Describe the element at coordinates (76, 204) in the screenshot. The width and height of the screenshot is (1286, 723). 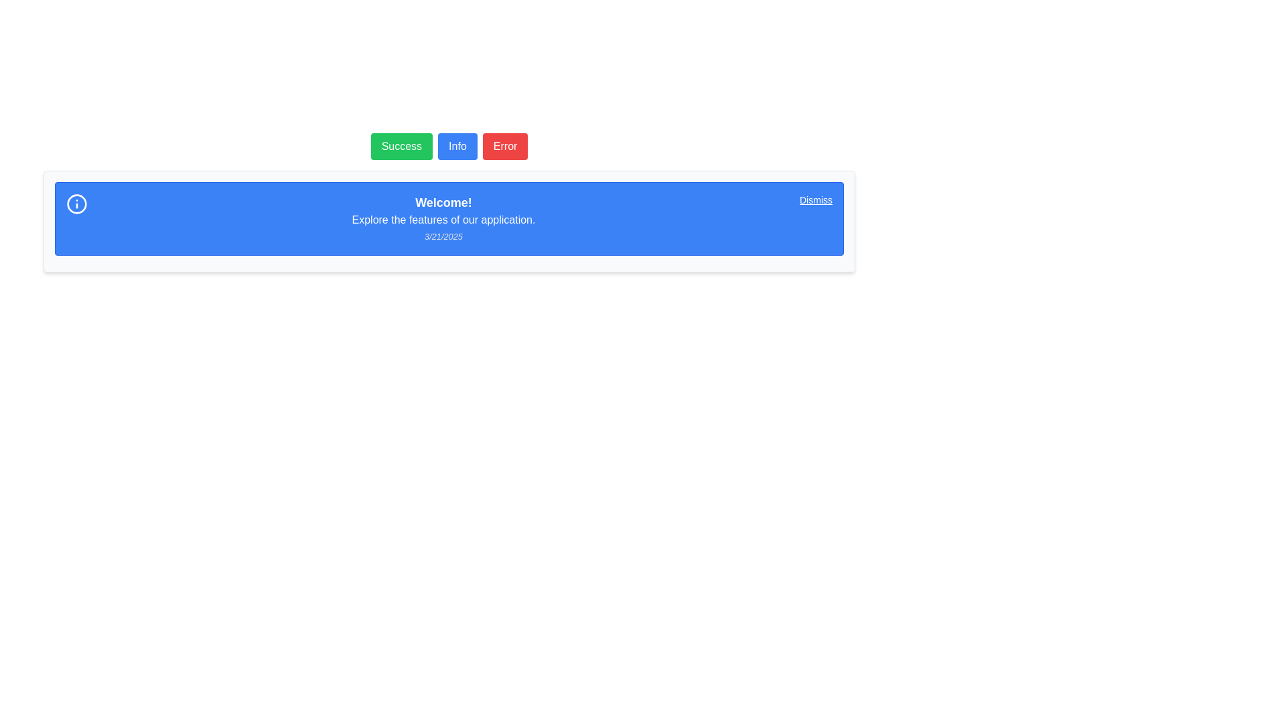
I see `the circular information icon containing a lowercase 'i' symbol, which is located to the far-left of the blue notification bar, adjacent to the 'Welcome!' text header` at that location.